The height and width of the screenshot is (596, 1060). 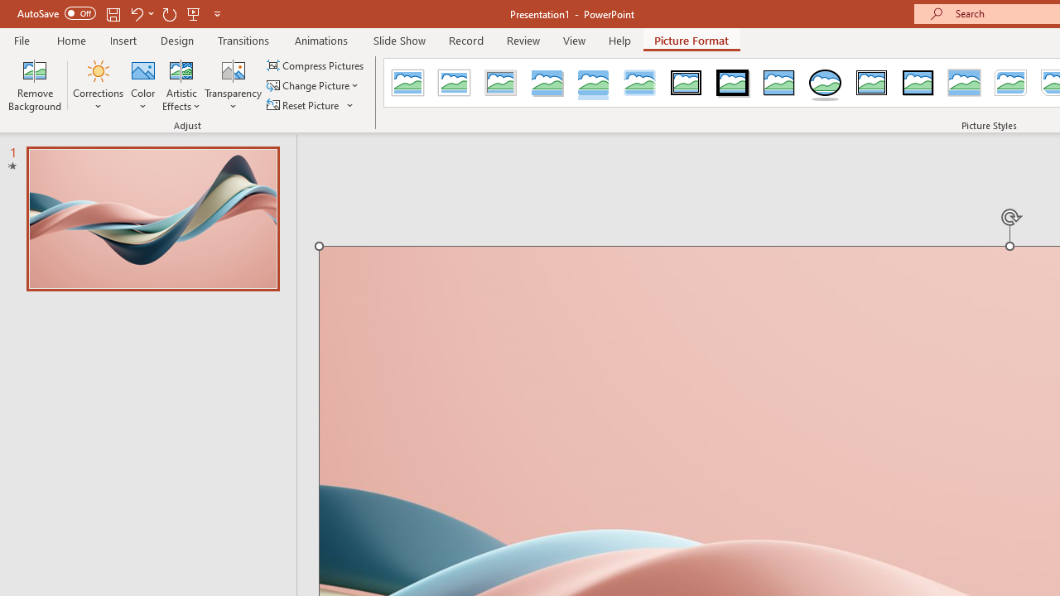 I want to click on 'Redo', so click(x=169, y=13).